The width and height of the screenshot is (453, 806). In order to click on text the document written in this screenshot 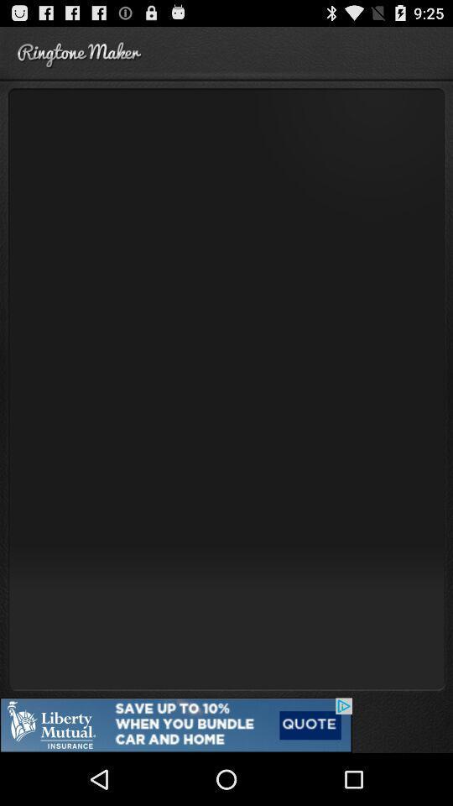, I will do `click(226, 388)`.